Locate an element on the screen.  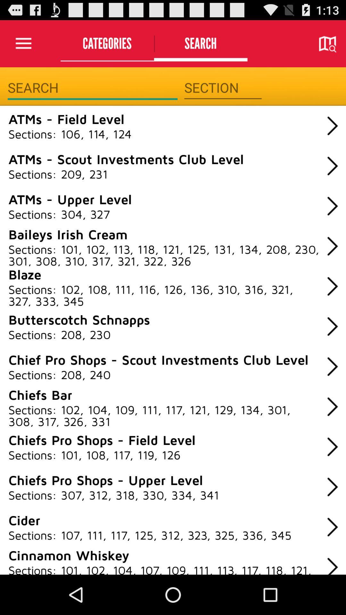
icon above the sections 107 111 is located at coordinates (24, 520).